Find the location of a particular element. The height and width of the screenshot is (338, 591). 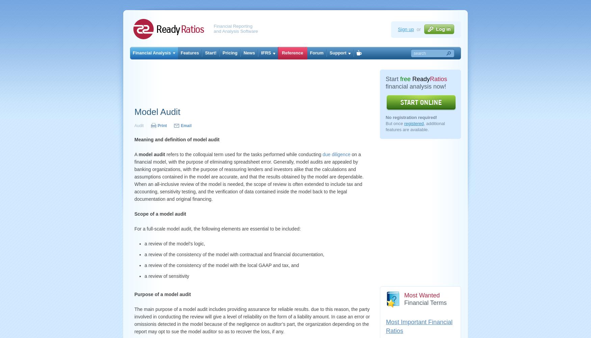

'financial analysis now!' is located at coordinates (416, 87).